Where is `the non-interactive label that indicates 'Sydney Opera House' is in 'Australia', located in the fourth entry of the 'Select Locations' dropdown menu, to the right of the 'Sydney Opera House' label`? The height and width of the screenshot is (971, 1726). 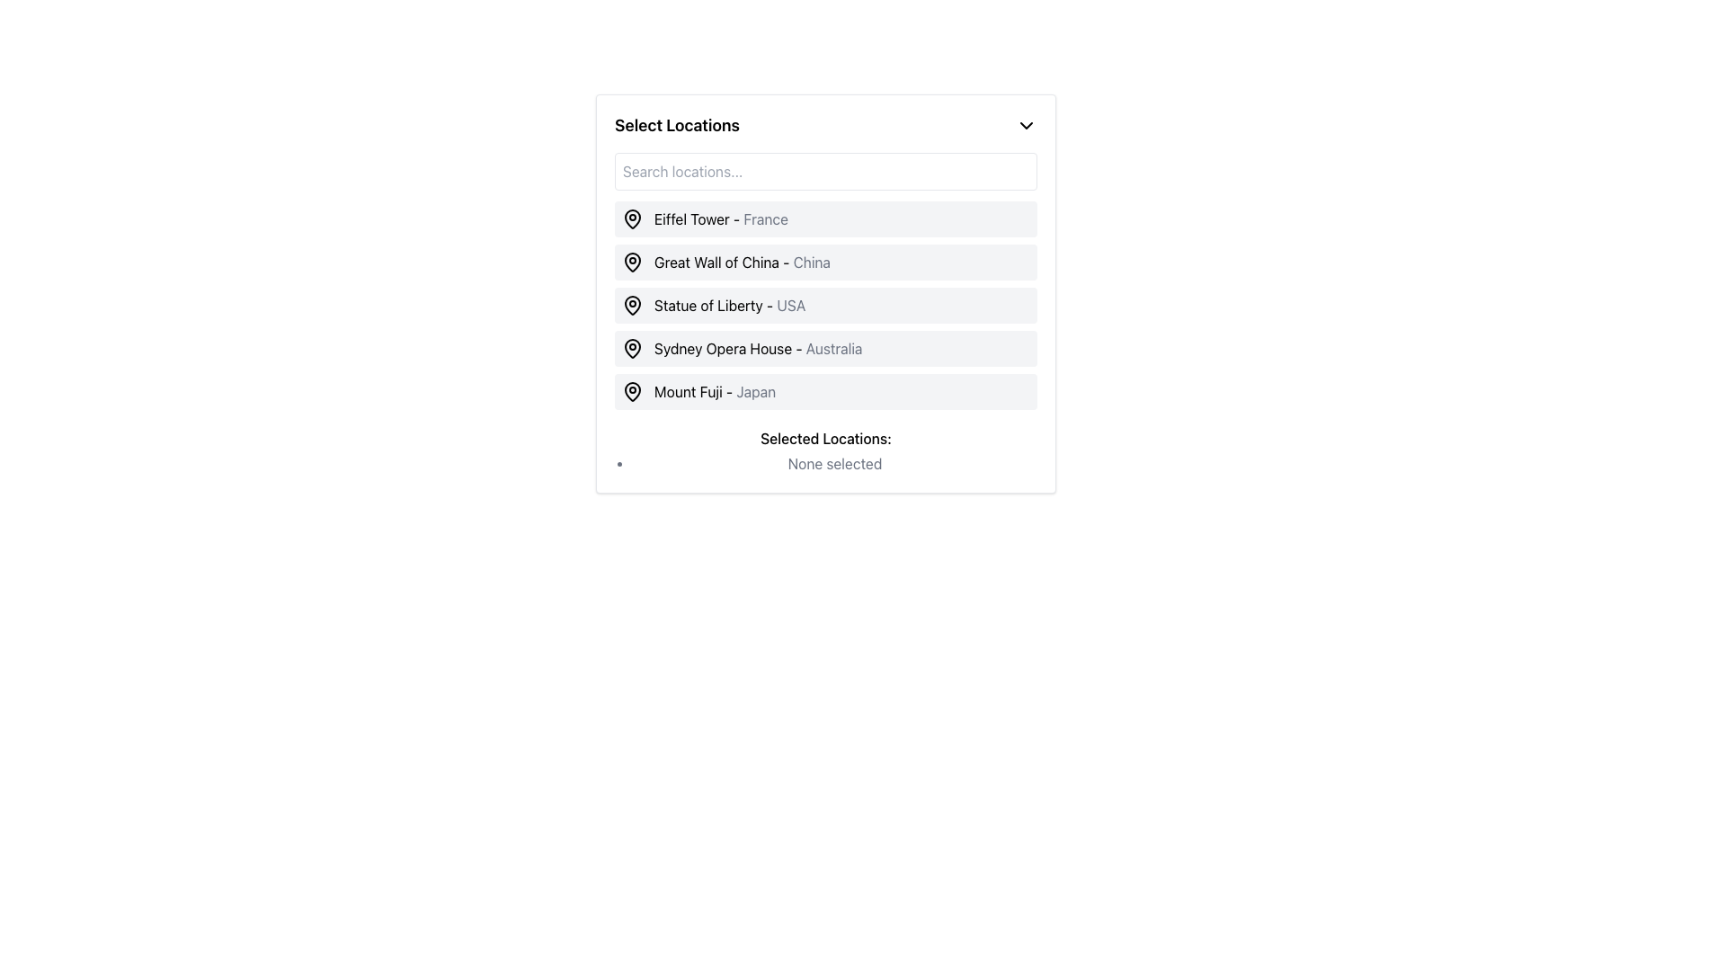
the non-interactive label that indicates 'Sydney Opera House' is in 'Australia', located in the fourth entry of the 'Select Locations' dropdown menu, to the right of the 'Sydney Opera House' label is located at coordinates (833, 349).